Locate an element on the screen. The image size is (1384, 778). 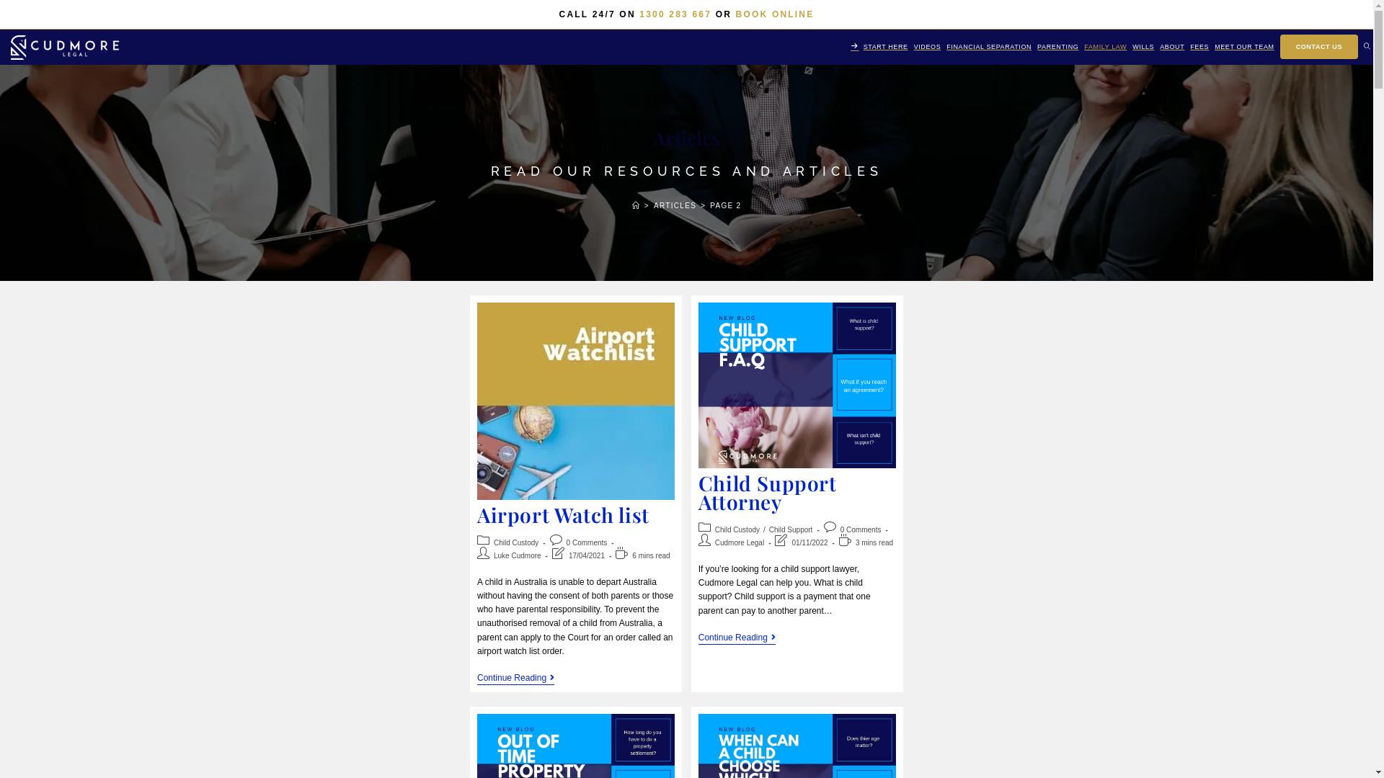
'START HERE' is located at coordinates (848, 46).